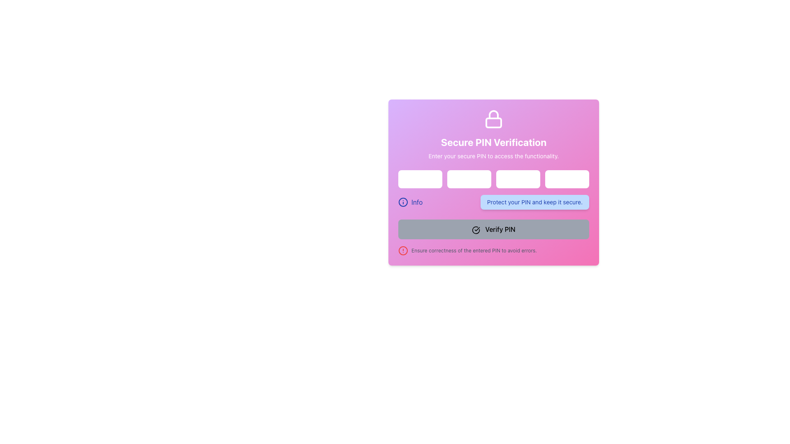 The width and height of the screenshot is (790, 444). Describe the element at coordinates (494, 202) in the screenshot. I see `the 'Info' icon or the informational text displaying 'Protect your PIN and keep it secure.'` at that location.